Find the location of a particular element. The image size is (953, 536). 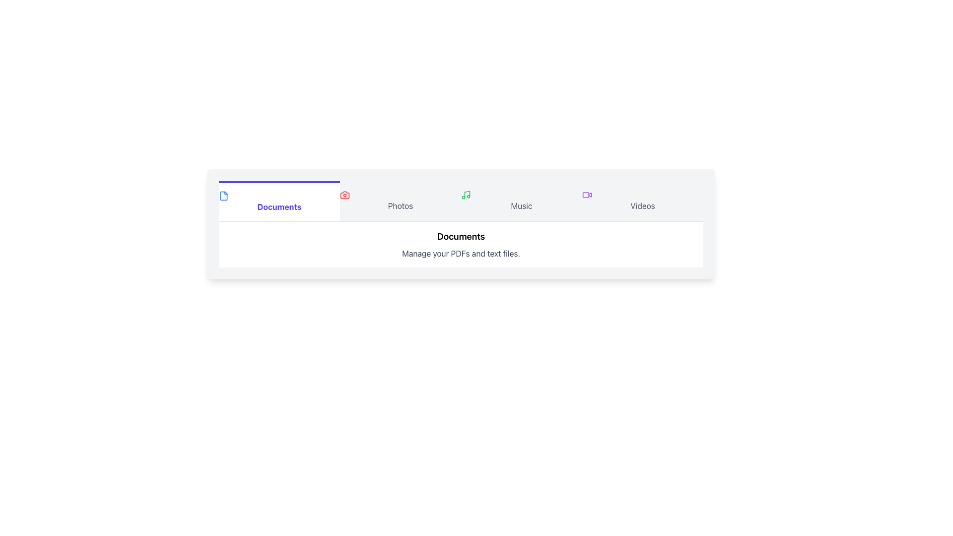

the purple camera icon representing the 'Videos' tab in the top navigation bar, which is the fourth icon in the sequence, directly above the 'Videos' label is located at coordinates (587, 195).